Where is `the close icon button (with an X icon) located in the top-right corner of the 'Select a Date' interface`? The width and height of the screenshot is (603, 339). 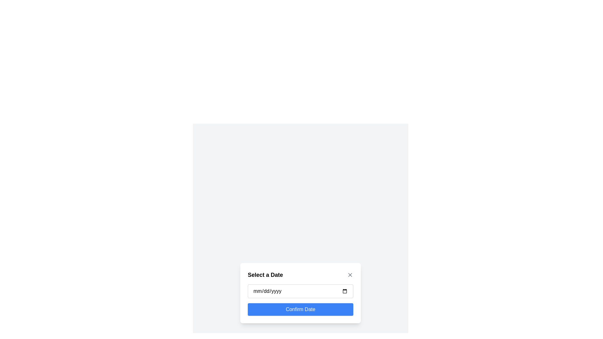
the close icon button (with an X icon) located in the top-right corner of the 'Select a Date' interface is located at coordinates (350, 274).